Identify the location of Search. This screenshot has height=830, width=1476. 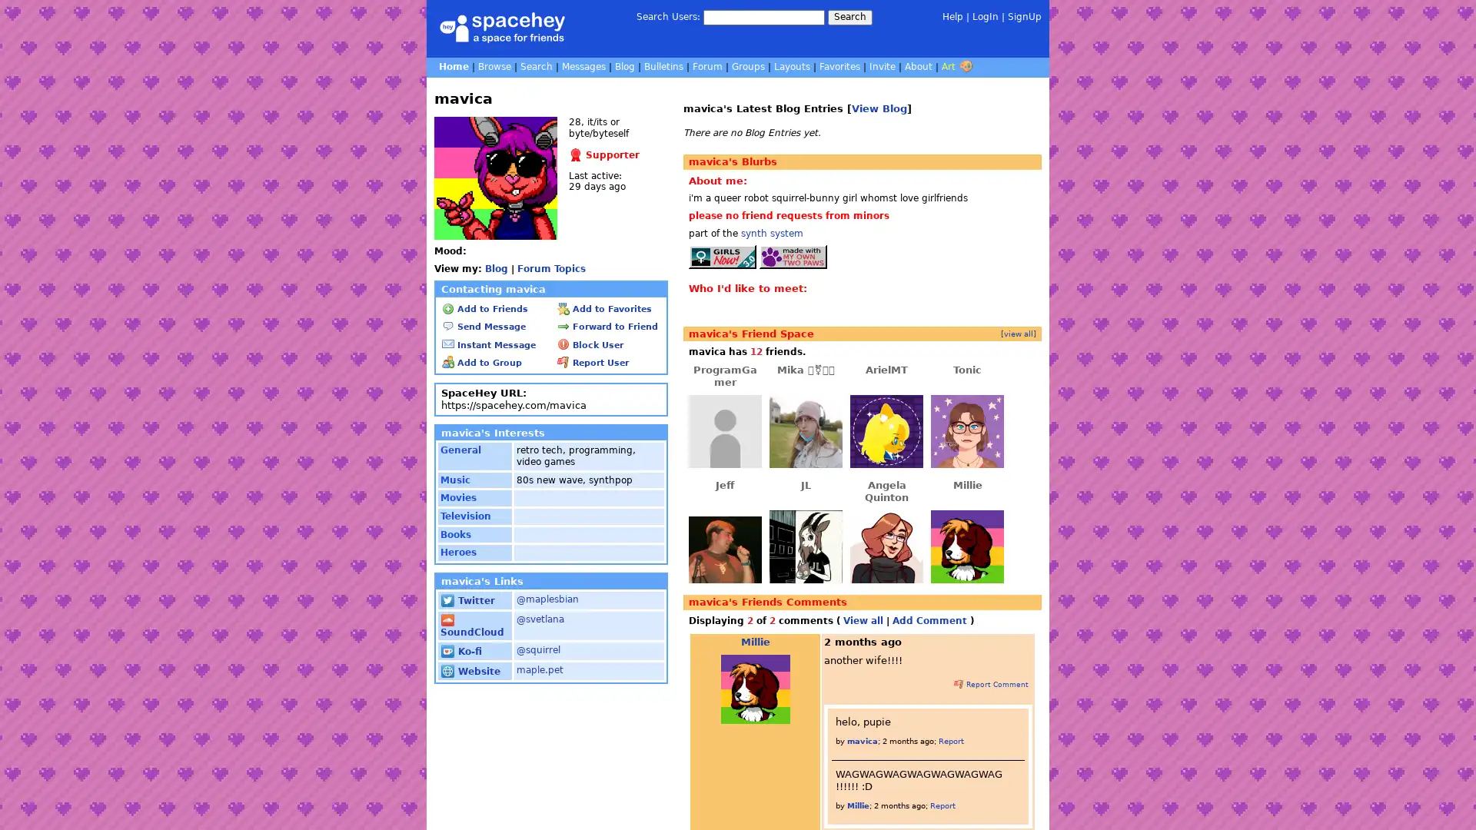
(848, 17).